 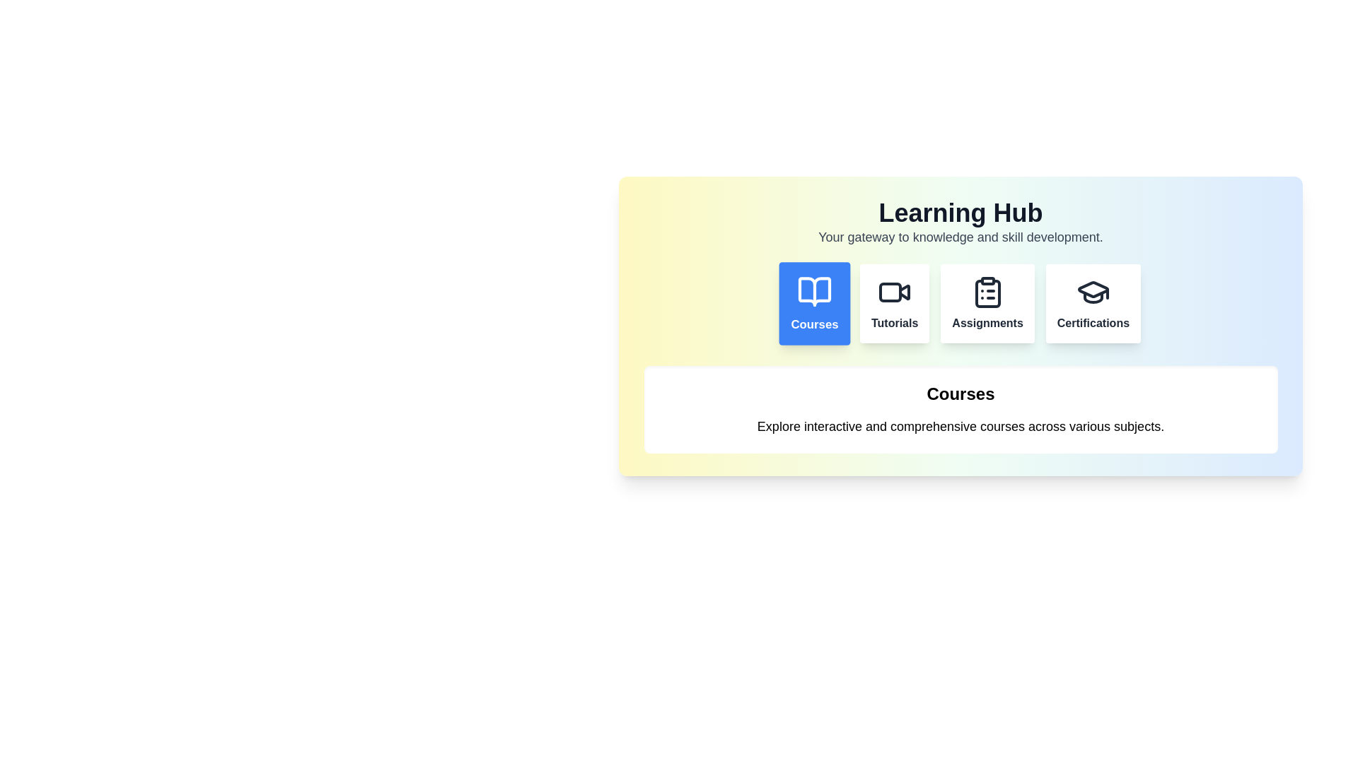 I want to click on the button labeled Certifications to observe its hover effect, so click(x=1092, y=302).